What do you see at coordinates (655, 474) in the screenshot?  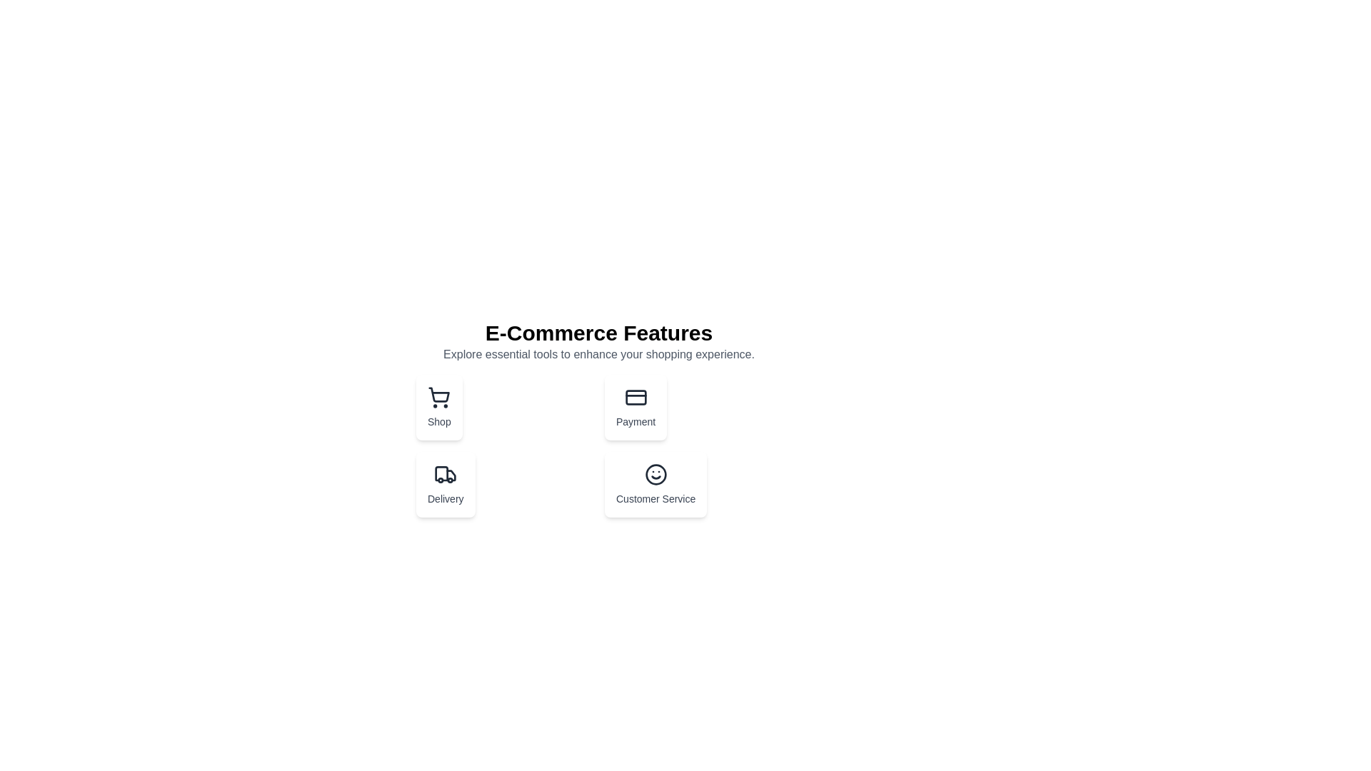 I see `the circular outline of the smiley face icon representing 'Customer Service' located at the lower right section of the grid below the header 'E-Commerce Features'` at bounding box center [655, 474].